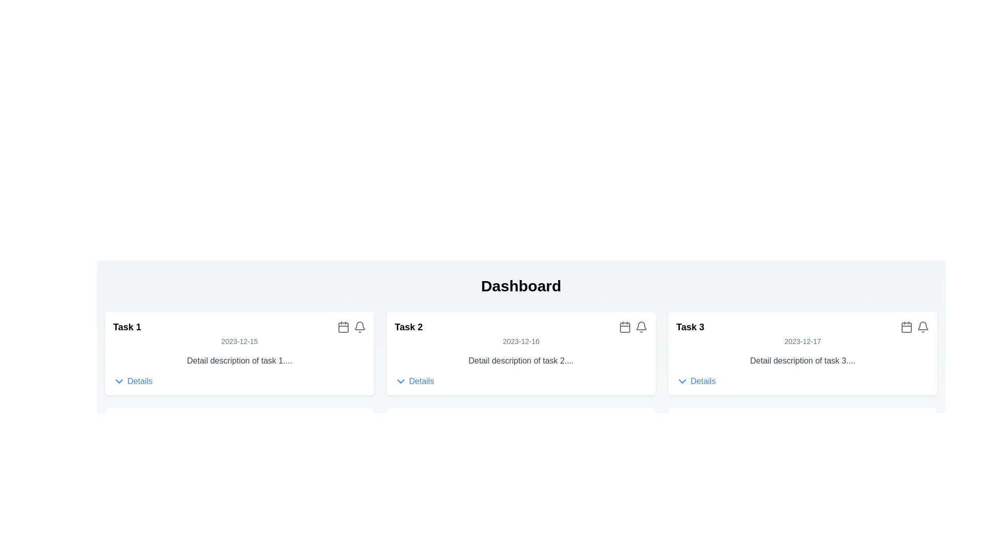  What do you see at coordinates (400, 381) in the screenshot?
I see `the Chevron down icon in the 'Task 2' card to provide focus` at bounding box center [400, 381].